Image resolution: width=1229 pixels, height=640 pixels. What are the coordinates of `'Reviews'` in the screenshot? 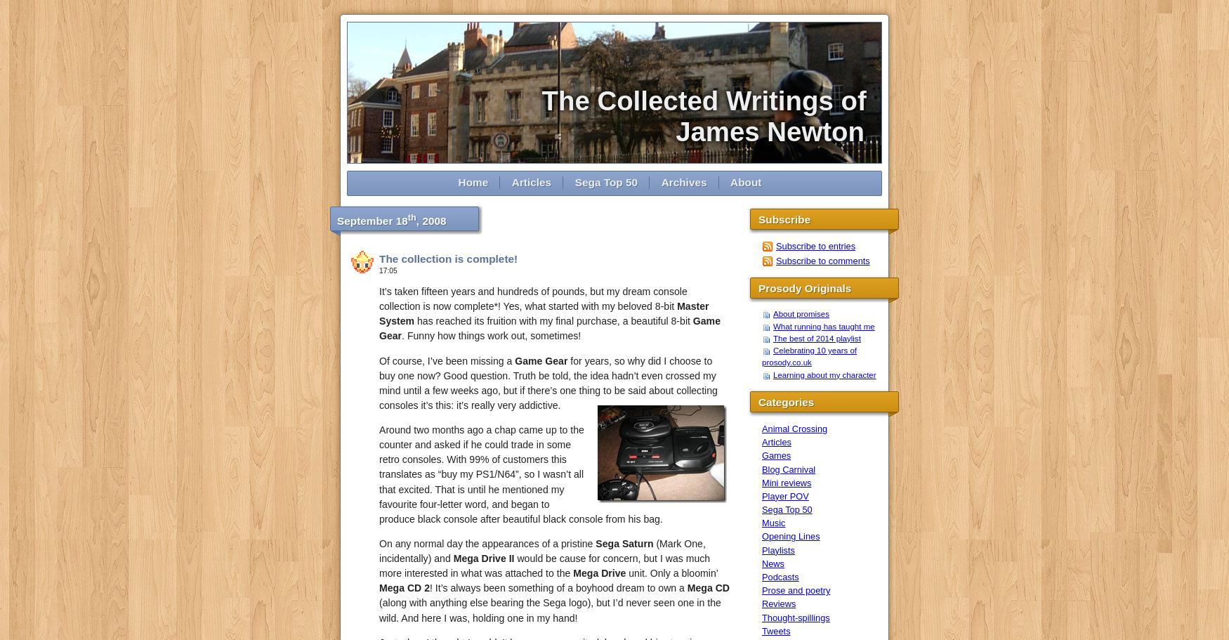 It's located at (778, 603).